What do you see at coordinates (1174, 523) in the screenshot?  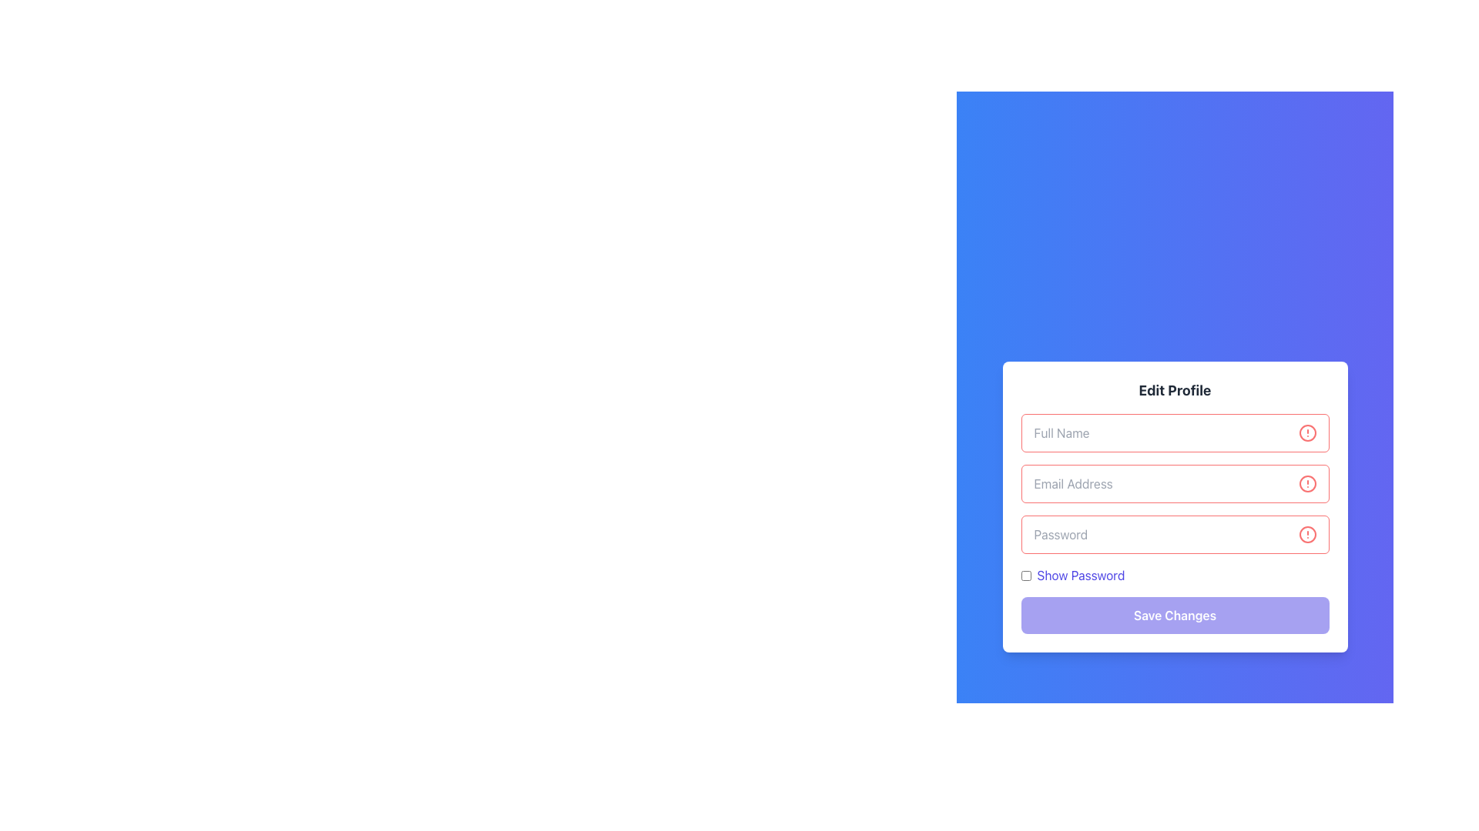 I see `the 'Password' text input field with a red border, which displays an error state` at bounding box center [1174, 523].